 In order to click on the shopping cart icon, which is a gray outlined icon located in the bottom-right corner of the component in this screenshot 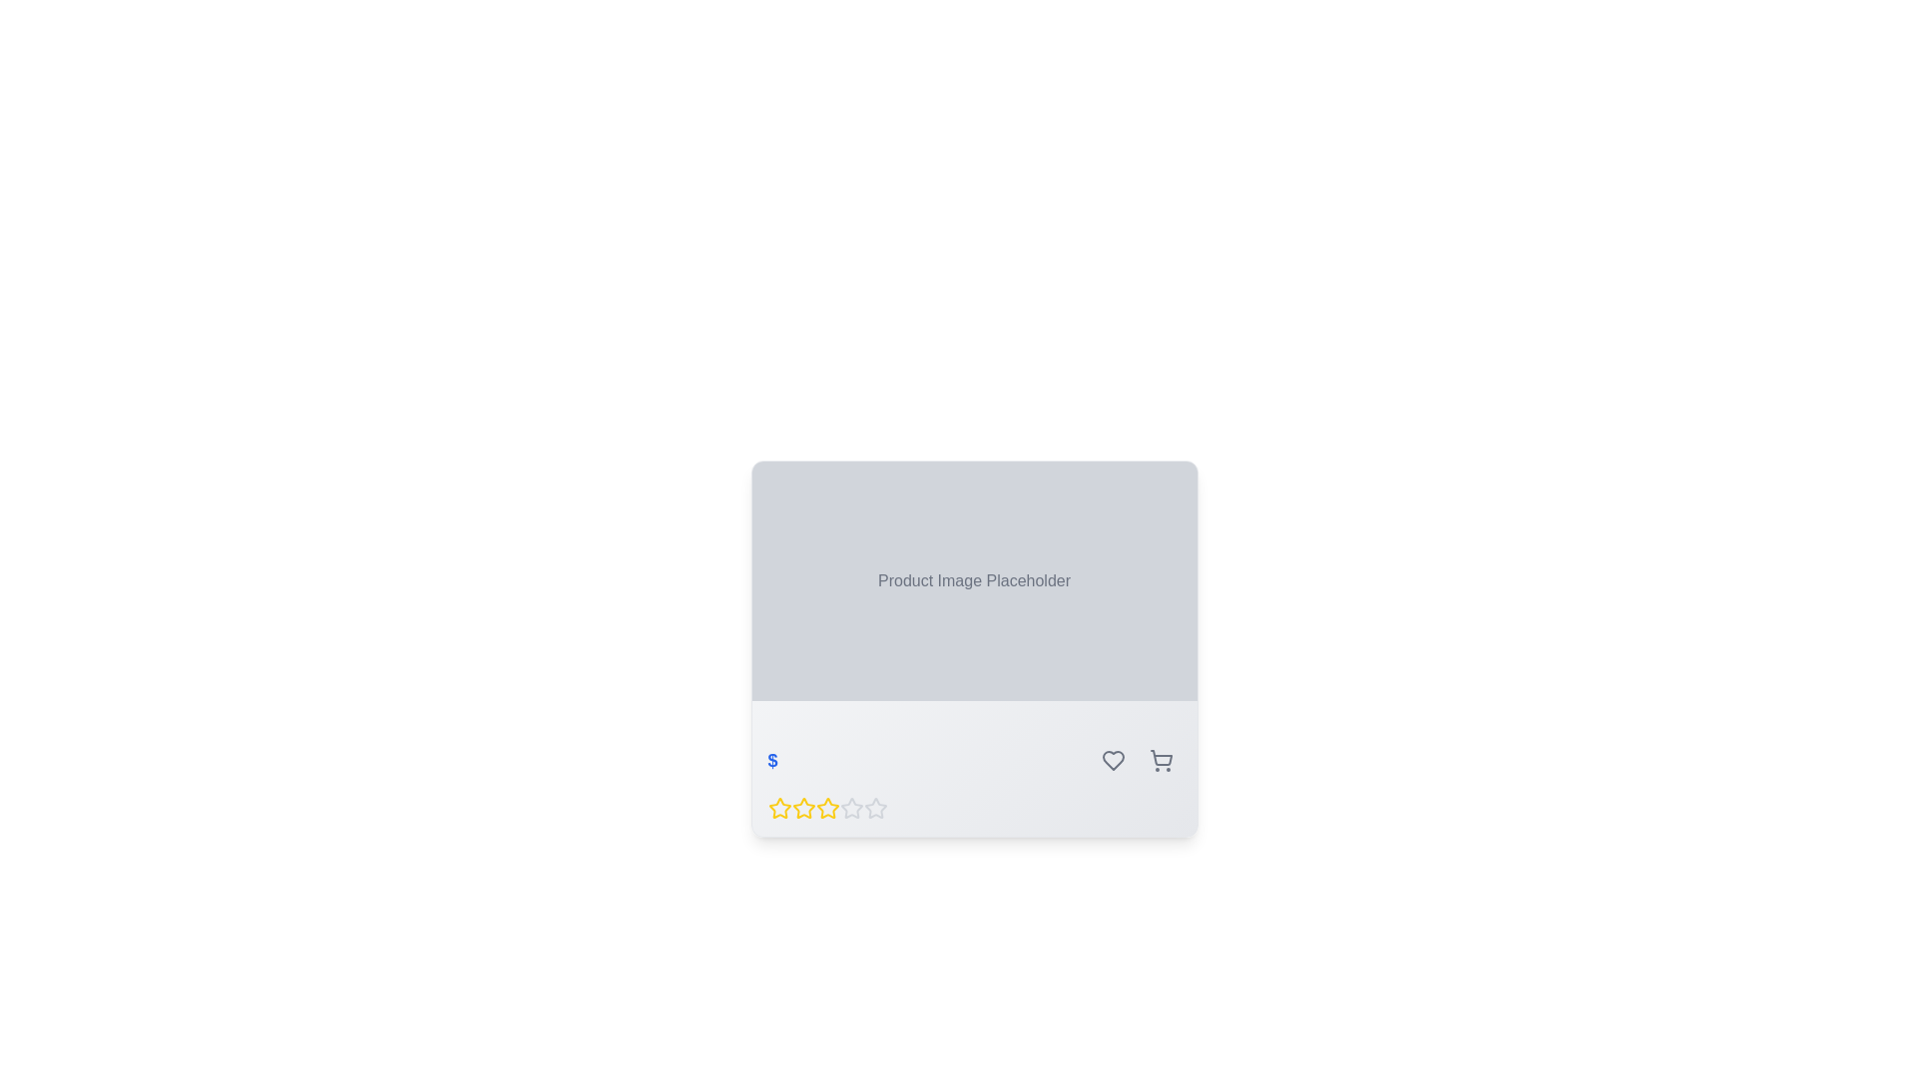, I will do `click(1161, 761)`.